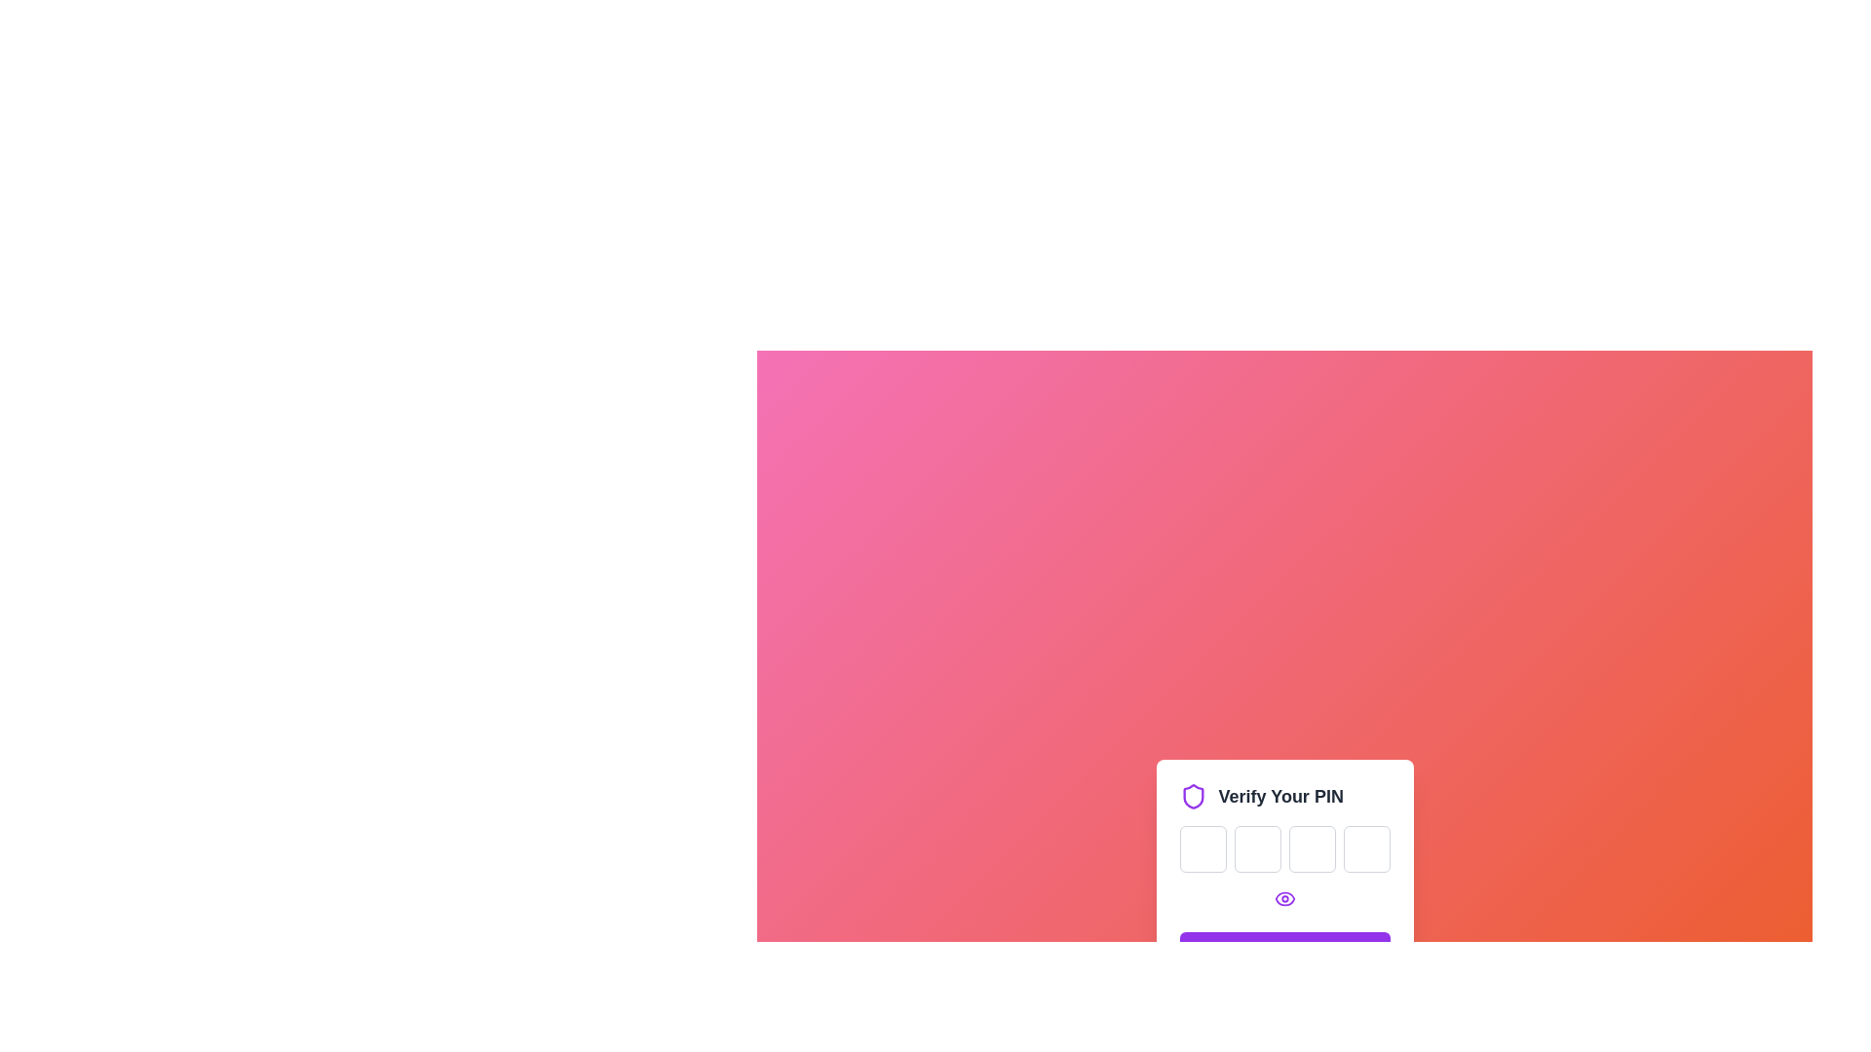  I want to click on the text label reading 'Verify Your PIN', which is styled in large bold dark gray font and positioned next to a purple shield icon, so click(1280, 796).